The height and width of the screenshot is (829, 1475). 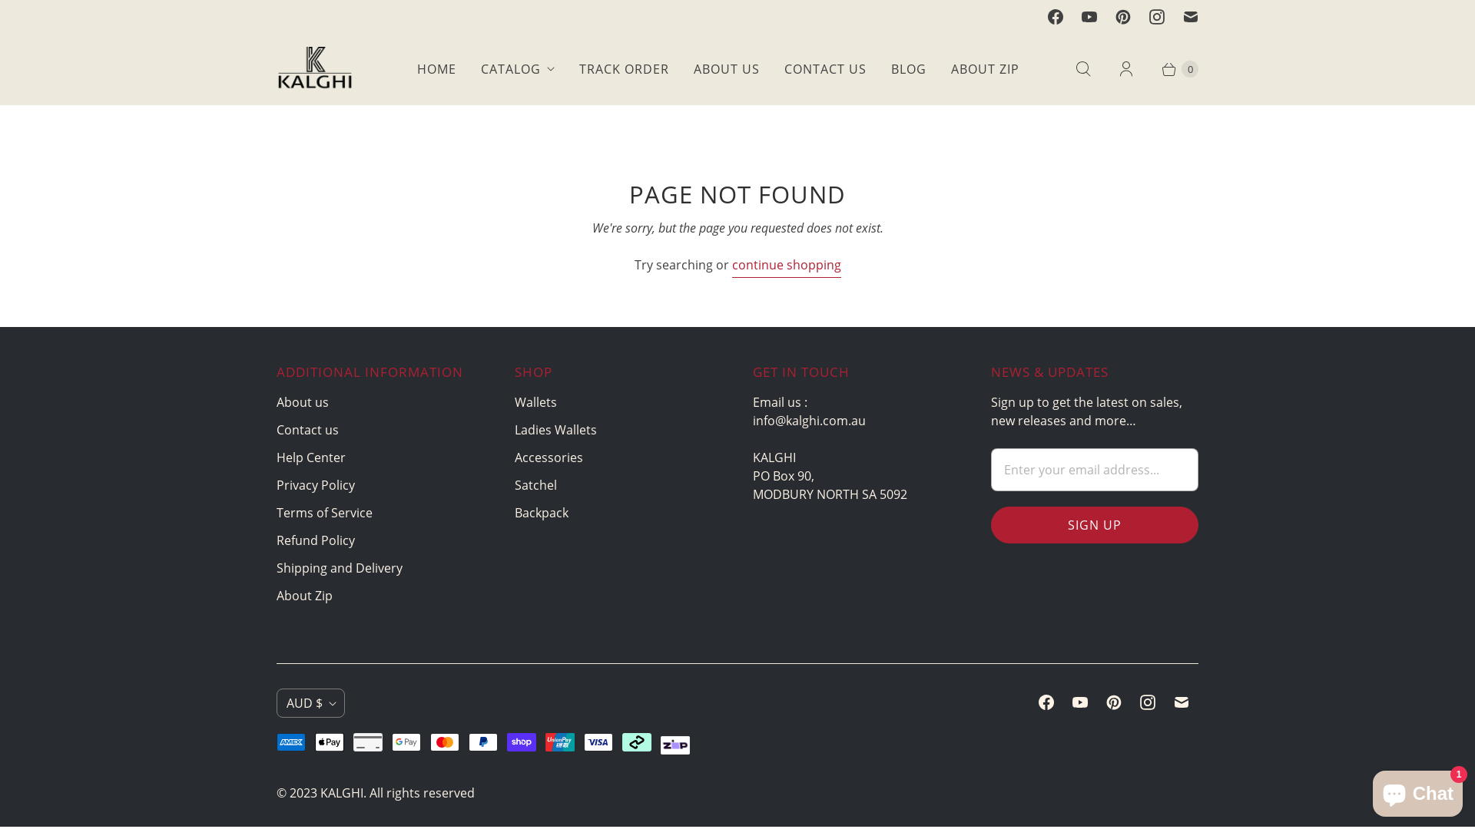 What do you see at coordinates (436, 68) in the screenshot?
I see `'HOME'` at bounding box center [436, 68].